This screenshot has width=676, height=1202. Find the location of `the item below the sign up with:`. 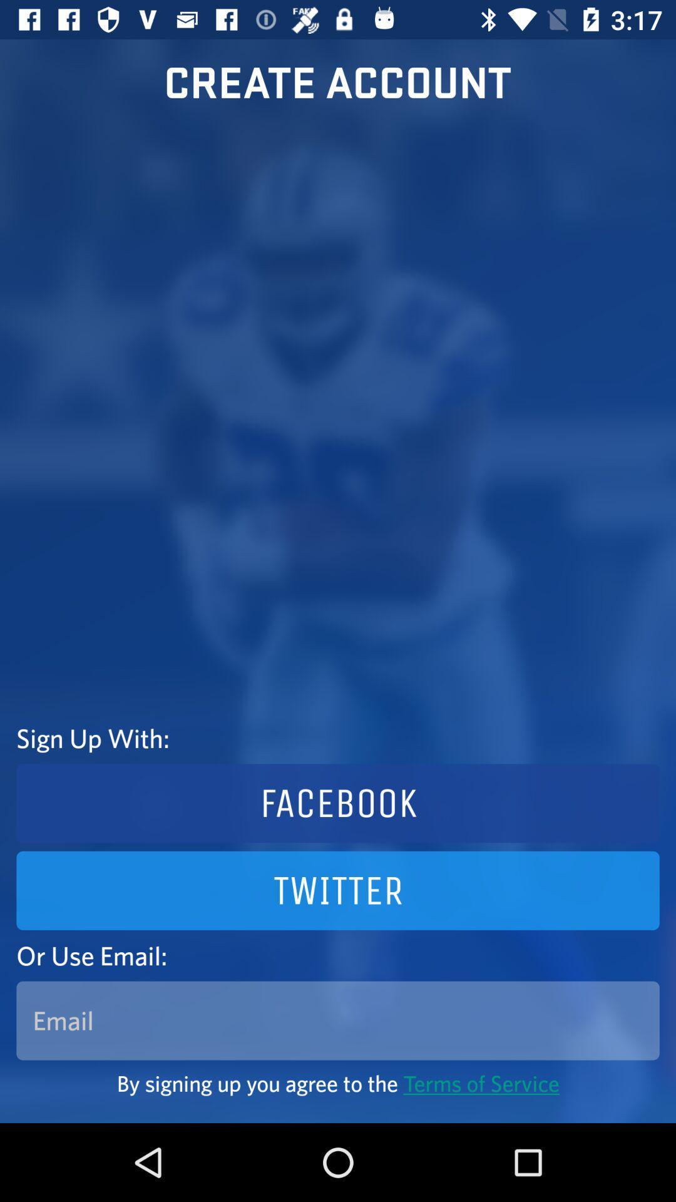

the item below the sign up with: is located at coordinates (338, 803).